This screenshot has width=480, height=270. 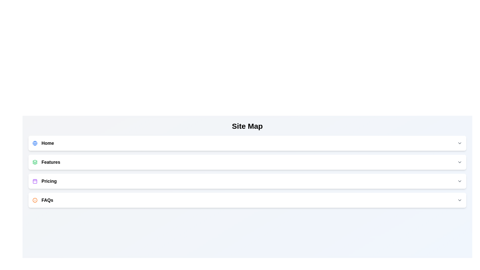 What do you see at coordinates (459, 200) in the screenshot?
I see `the chevron icon on the right side of the 'FAQs' row` at bounding box center [459, 200].